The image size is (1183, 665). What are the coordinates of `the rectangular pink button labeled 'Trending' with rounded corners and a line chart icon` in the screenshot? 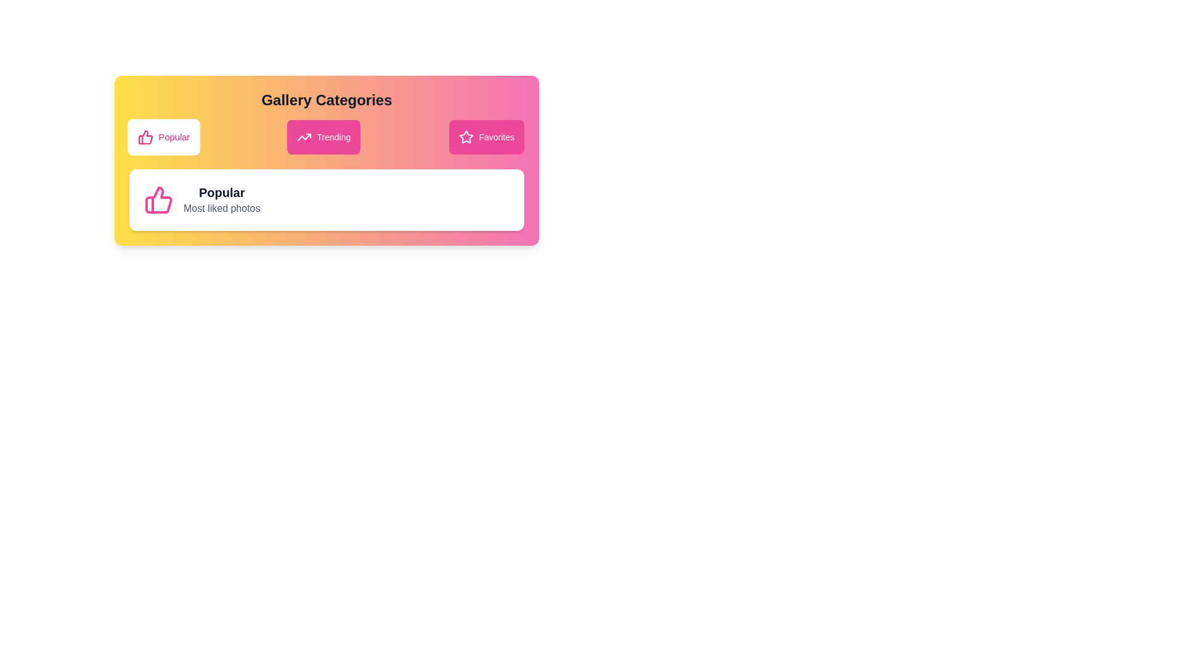 It's located at (323, 137).